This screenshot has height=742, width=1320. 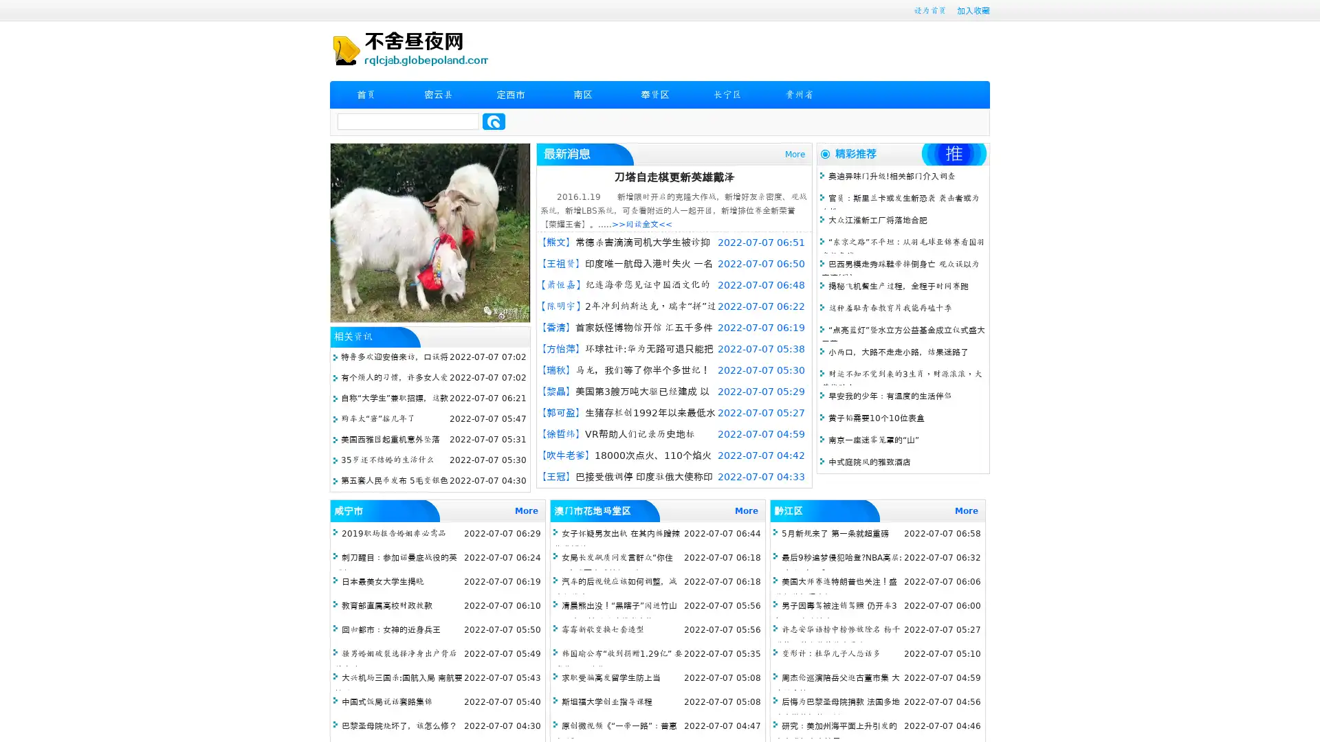 What do you see at coordinates (494, 121) in the screenshot?
I see `Search` at bounding box center [494, 121].